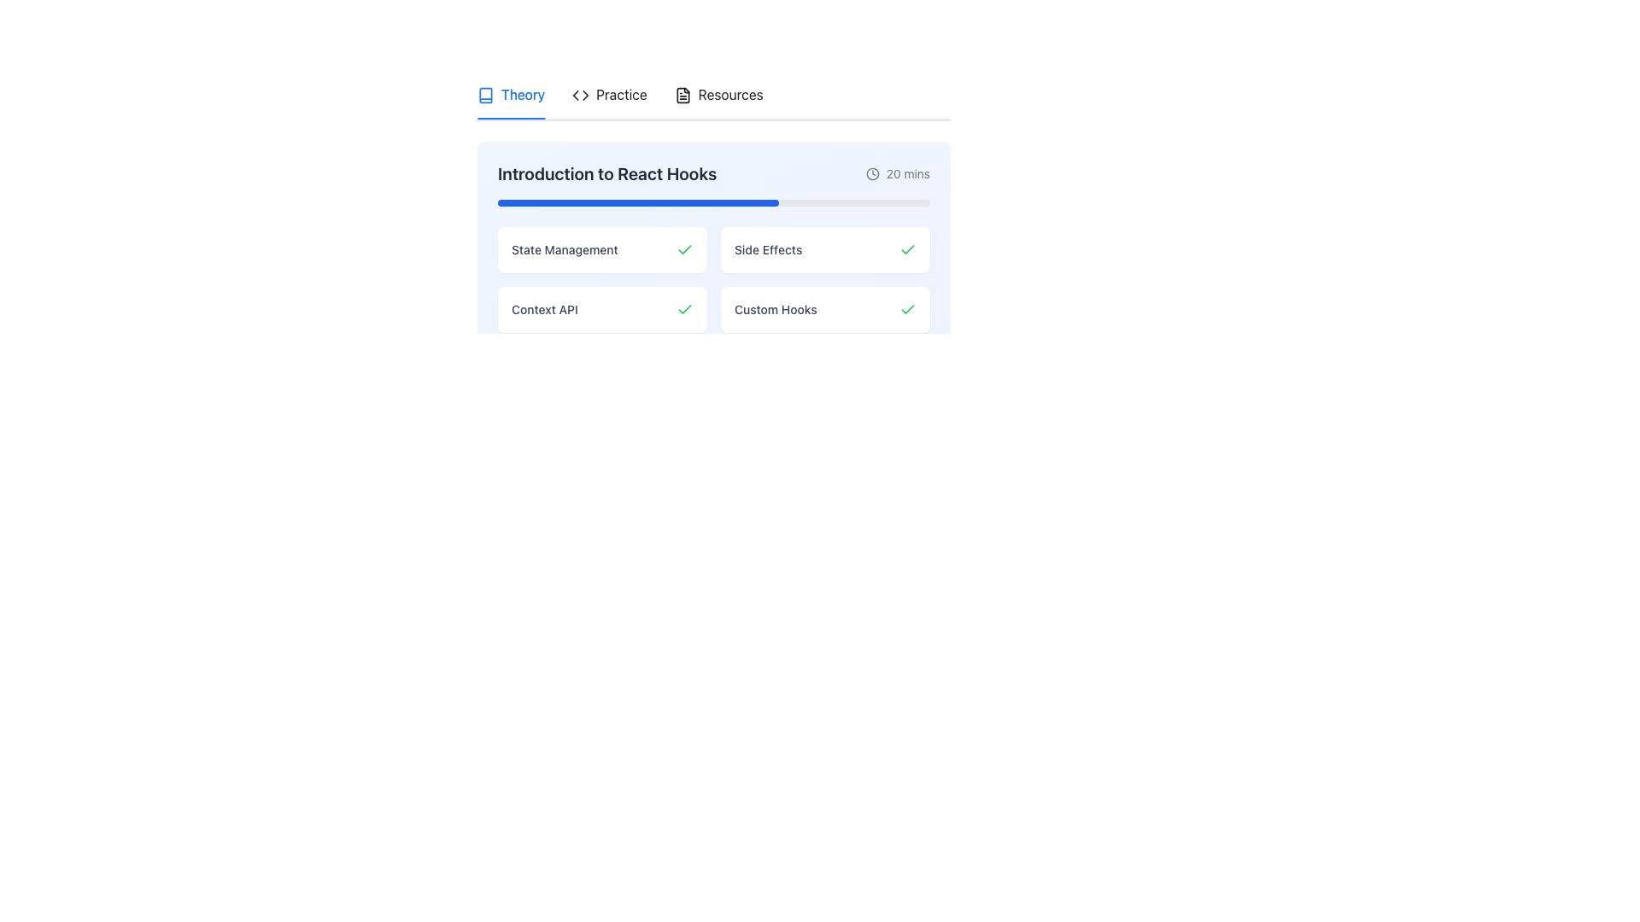 Image resolution: width=1640 pixels, height=922 pixels. I want to click on the Indicator bar that highlights the active 'Theory' tab in the navigation bar, so click(510, 118).